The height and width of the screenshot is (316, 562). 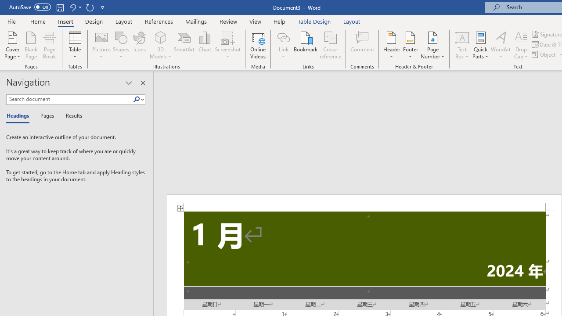 I want to click on 'Help', so click(x=279, y=21).